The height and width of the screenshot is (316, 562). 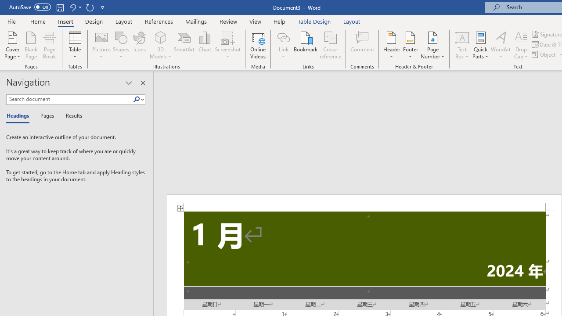 I want to click on 'Help', so click(x=279, y=21).